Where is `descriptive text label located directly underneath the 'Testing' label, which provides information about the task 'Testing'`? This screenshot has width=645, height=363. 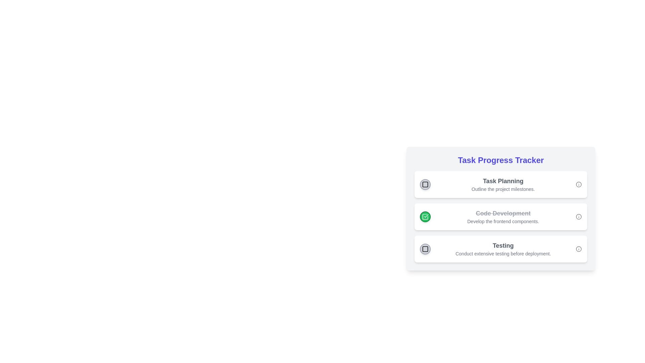
descriptive text label located directly underneath the 'Testing' label, which provides information about the task 'Testing' is located at coordinates (503, 254).